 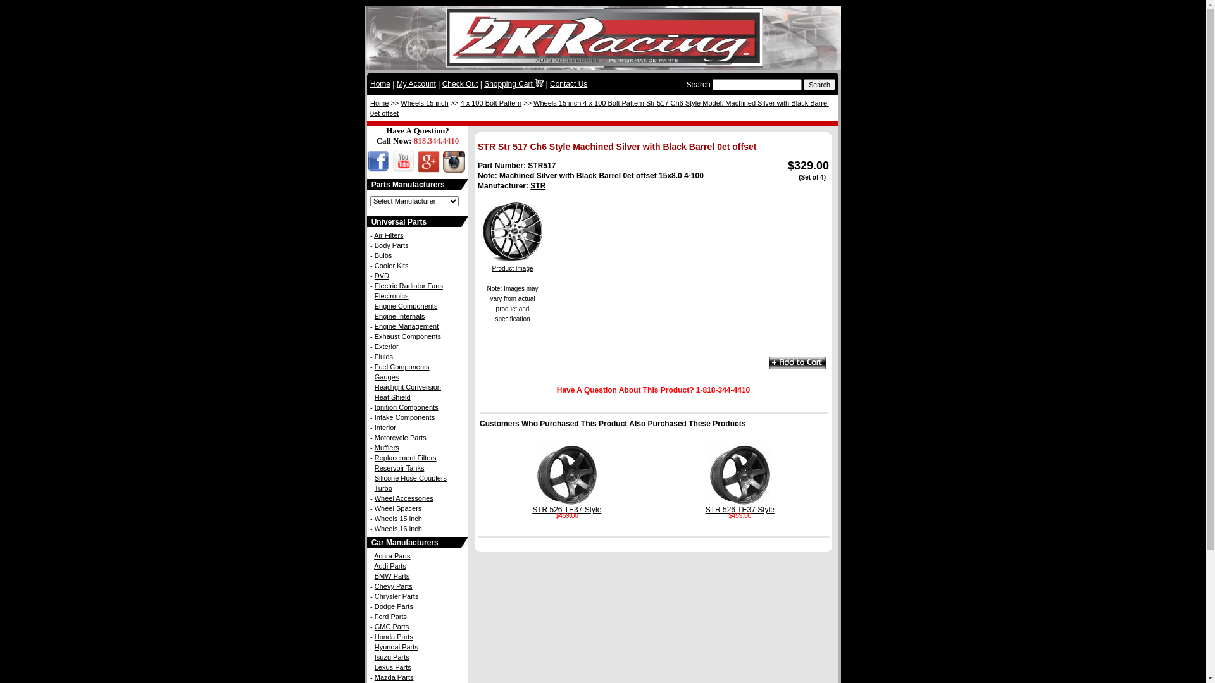 What do you see at coordinates (406, 305) in the screenshot?
I see `'Engine Components'` at bounding box center [406, 305].